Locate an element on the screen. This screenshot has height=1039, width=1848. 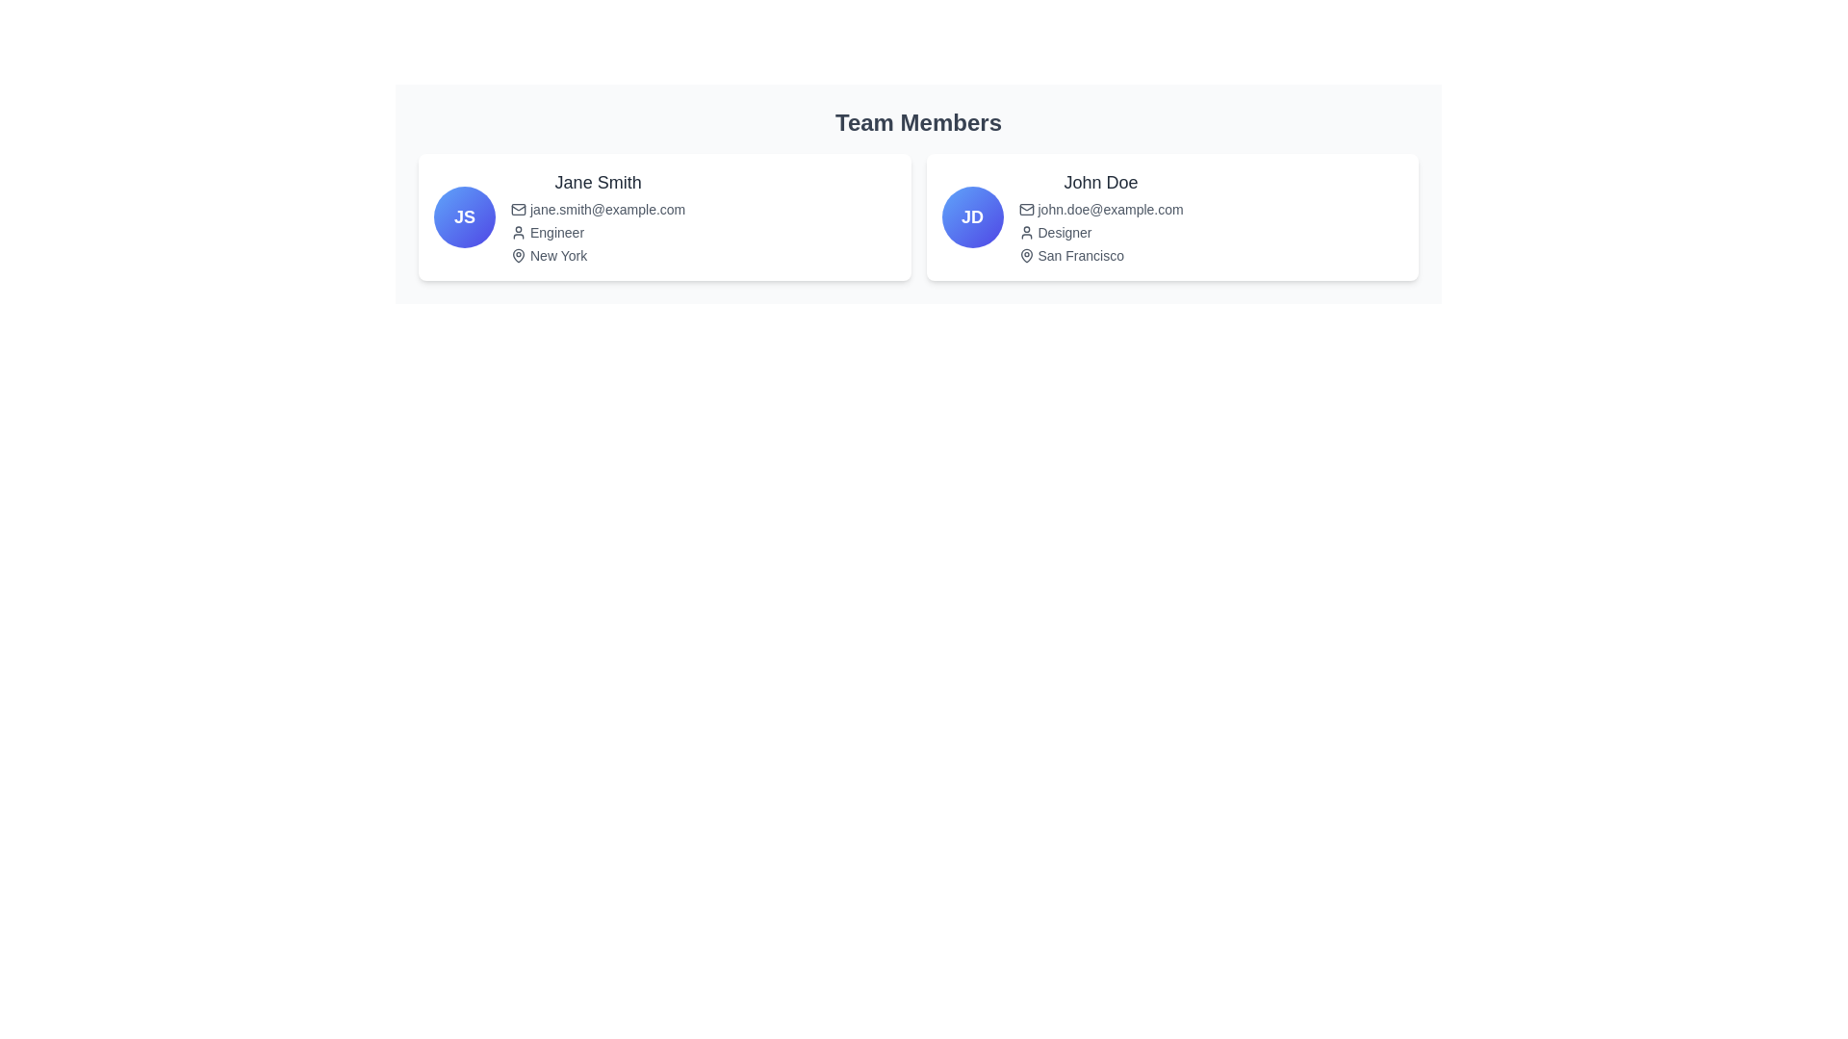
the text label displaying 'John Doe' in bold, dark gray font at the top of the right card under 'Team Members' is located at coordinates (1101, 182).